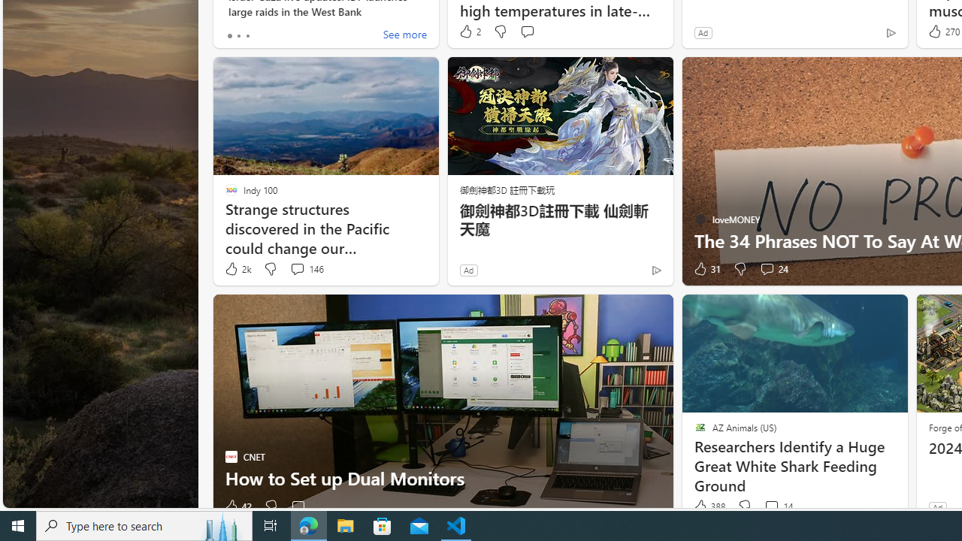 Image resolution: width=962 pixels, height=541 pixels. I want to click on 'tab-0', so click(228, 35).